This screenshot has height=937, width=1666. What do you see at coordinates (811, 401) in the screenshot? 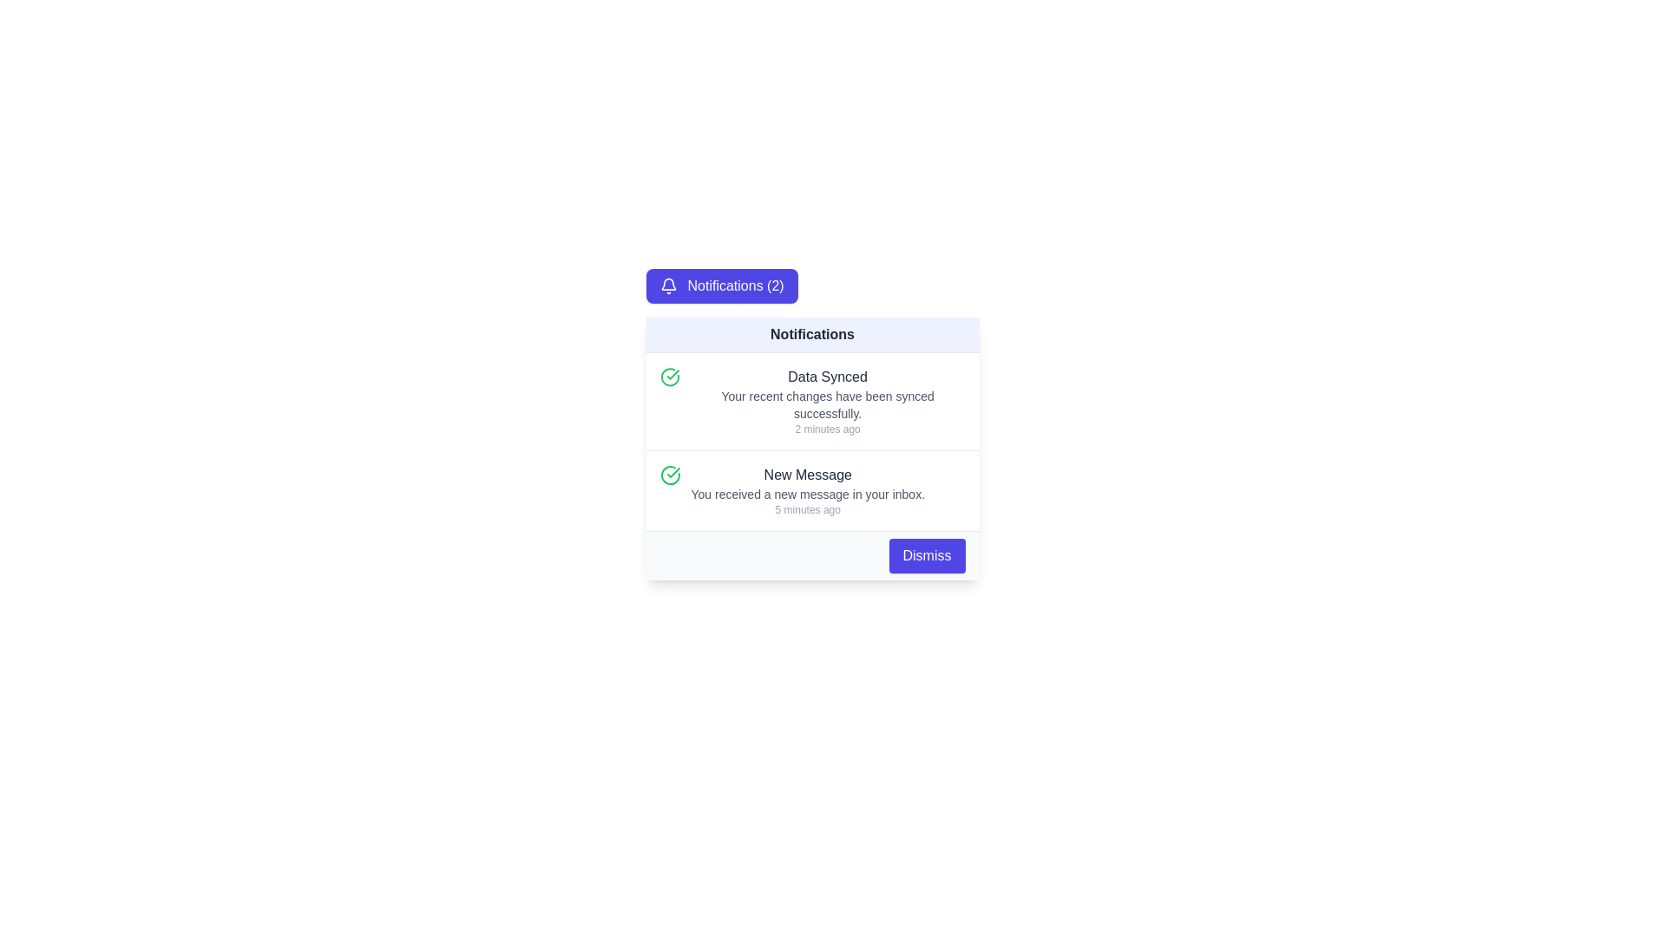
I see `notification message displaying the title 'Data Synced' and the text 'Your recent changes have been synced successfully.'` at bounding box center [811, 401].